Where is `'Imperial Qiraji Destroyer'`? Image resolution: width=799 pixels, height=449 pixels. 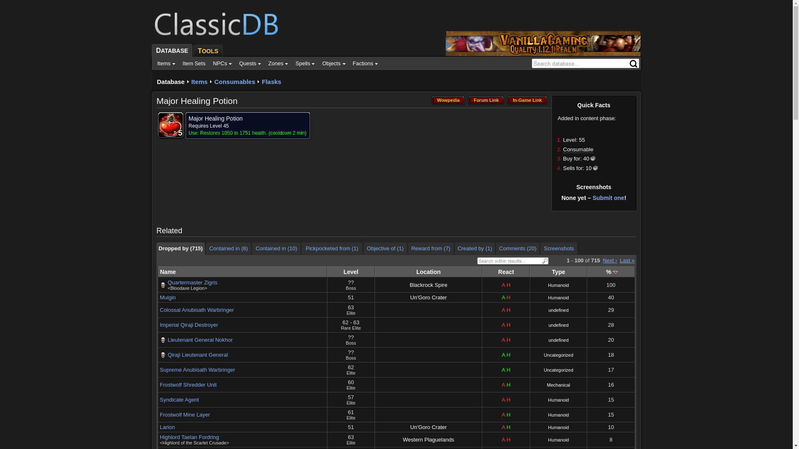 'Imperial Qiraji Destroyer' is located at coordinates (189, 324).